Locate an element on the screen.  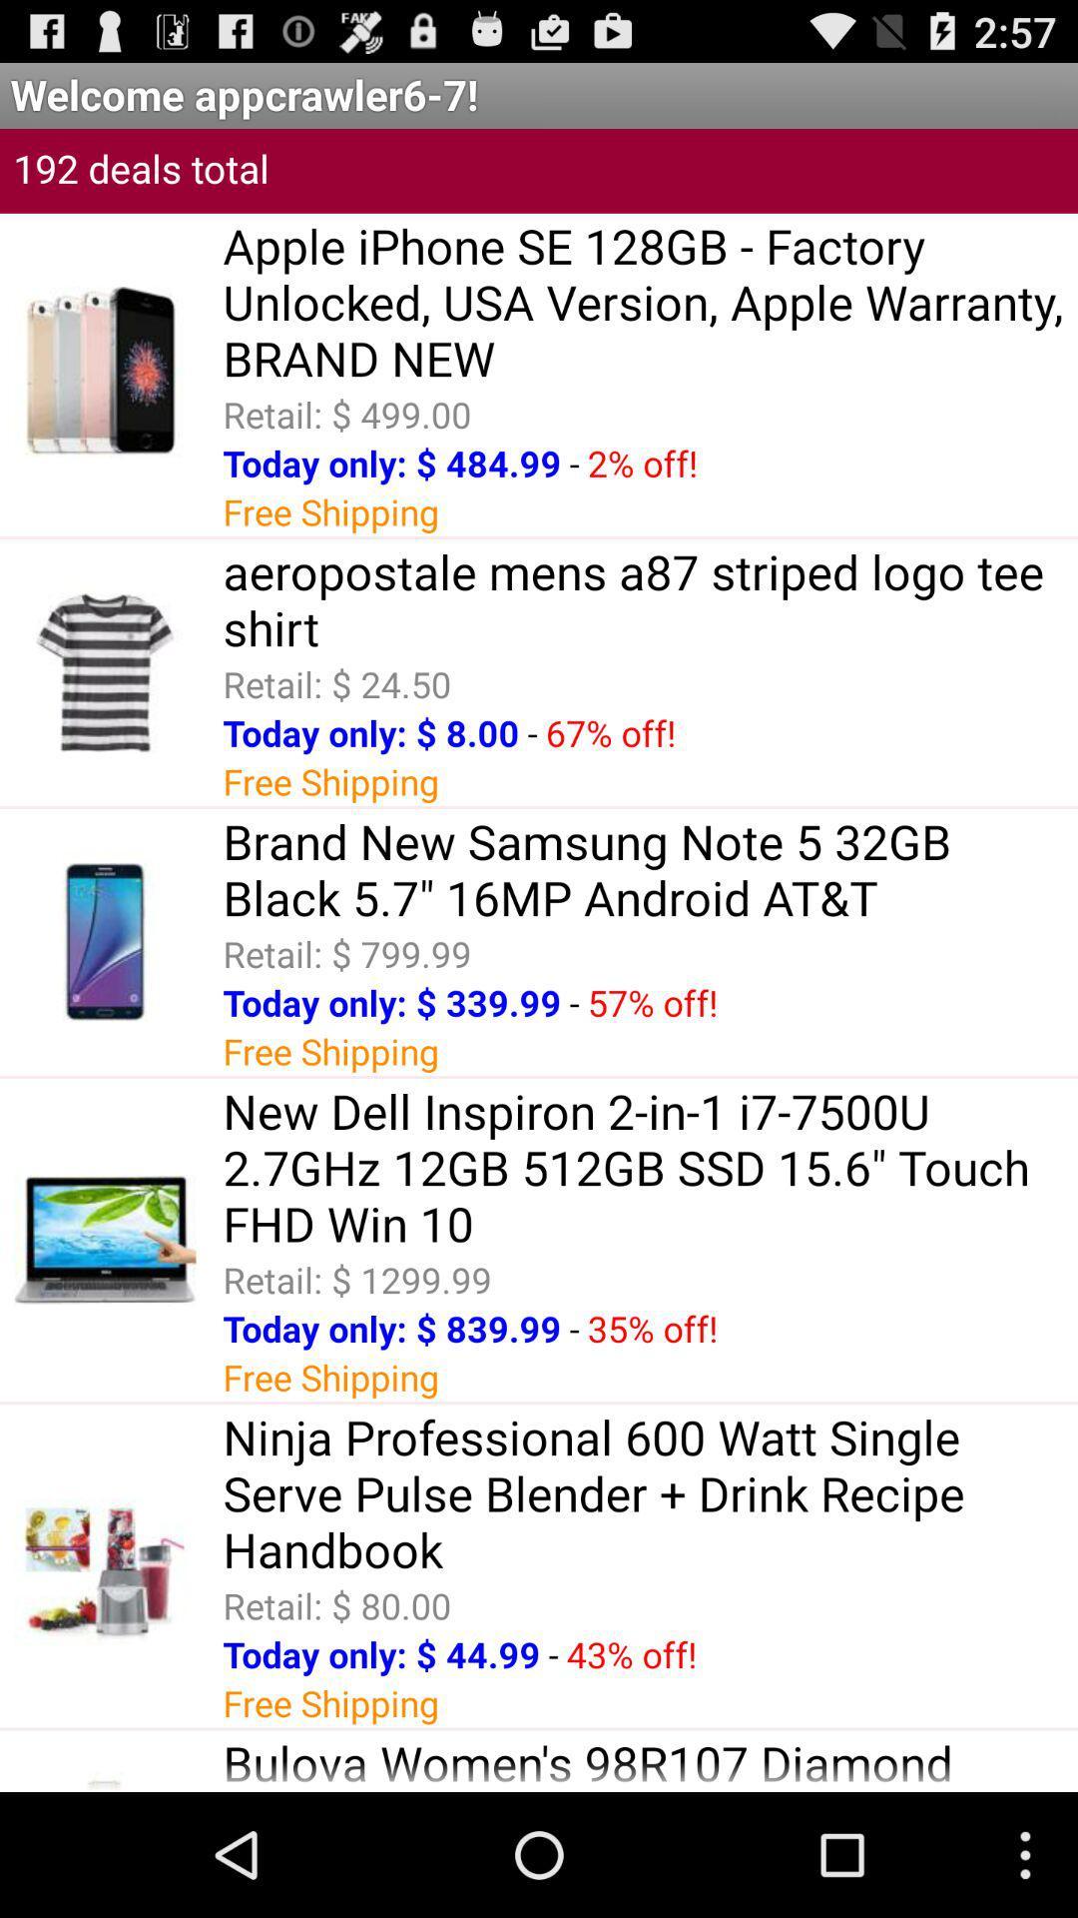
- is located at coordinates (574, 1002).